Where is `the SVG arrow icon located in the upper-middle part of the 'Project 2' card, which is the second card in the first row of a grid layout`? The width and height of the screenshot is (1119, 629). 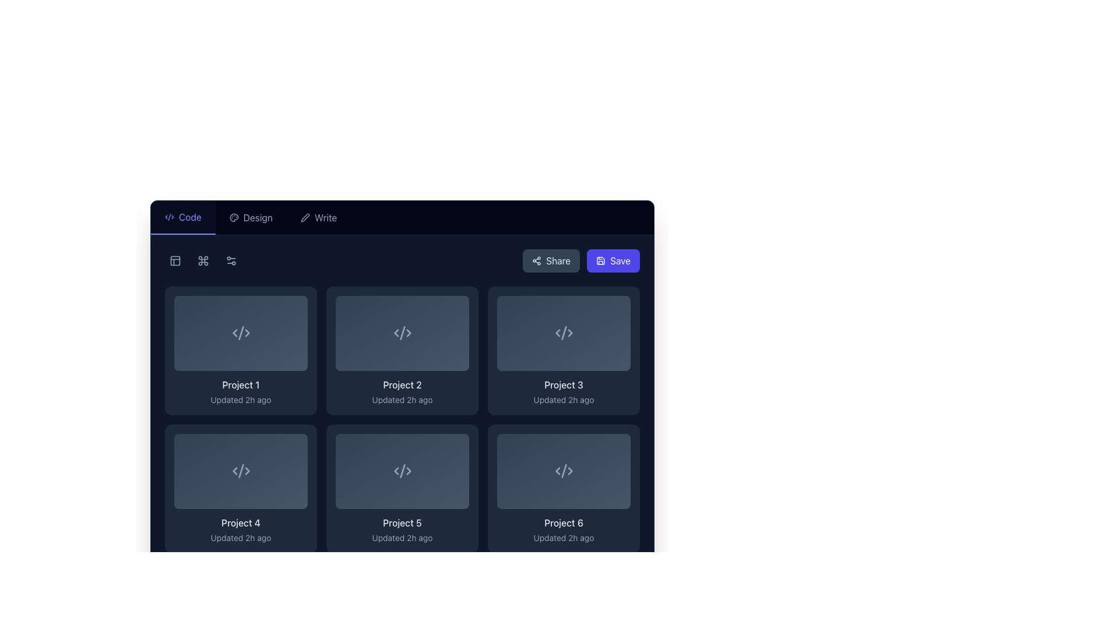
the SVG arrow icon located in the upper-middle part of the 'Project 2' card, which is the second card in the first row of a grid layout is located at coordinates (409, 333).